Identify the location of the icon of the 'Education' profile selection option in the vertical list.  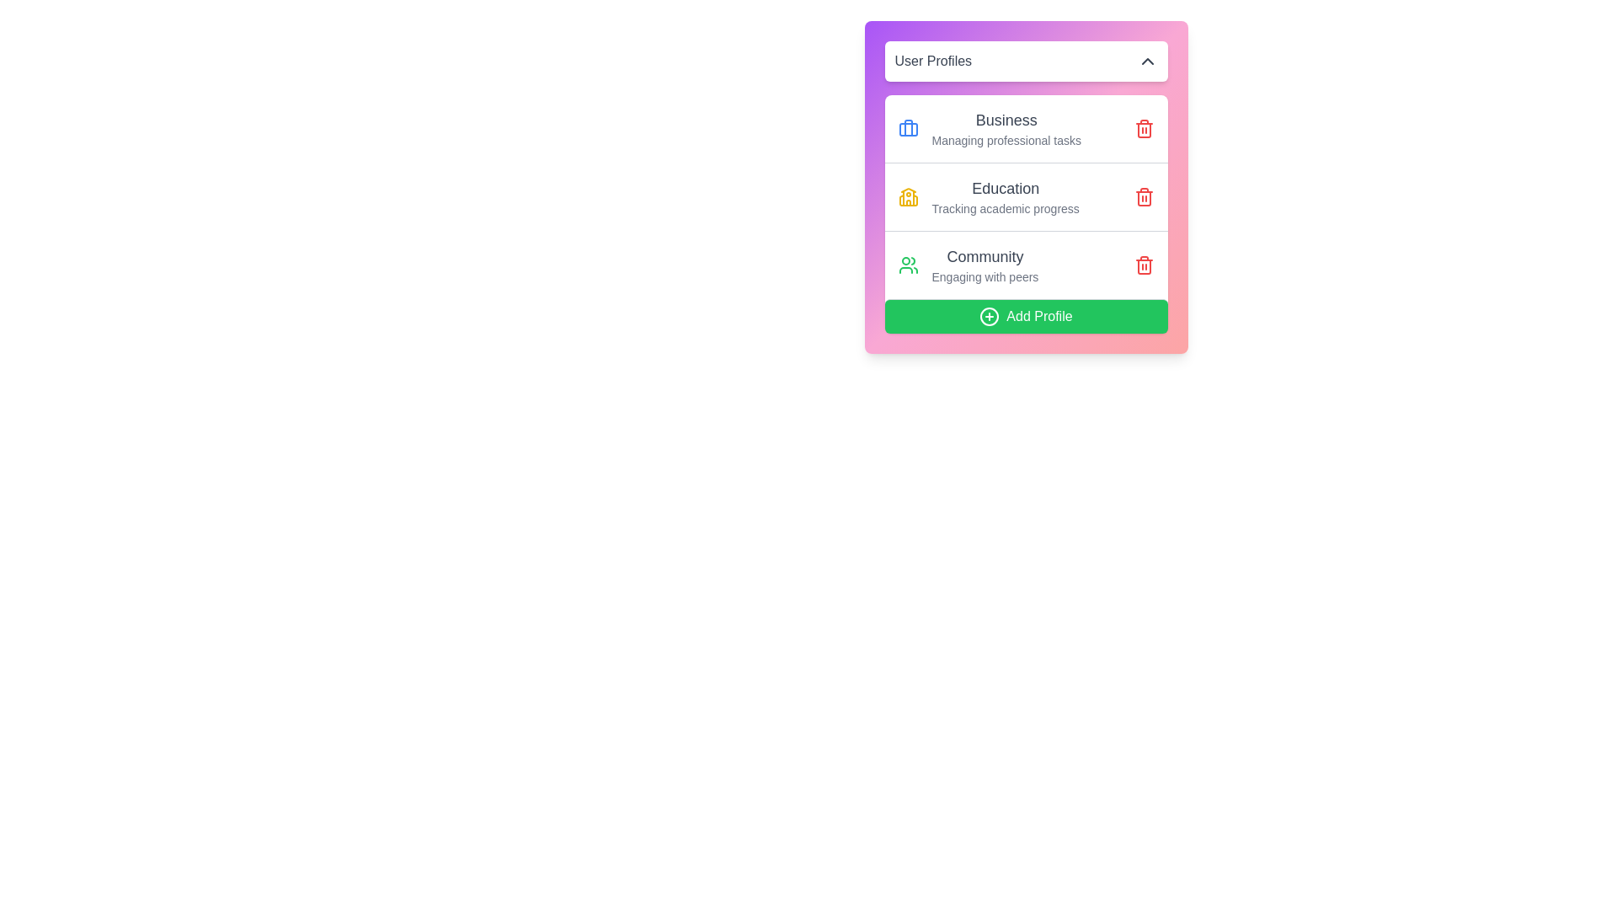
(989, 196).